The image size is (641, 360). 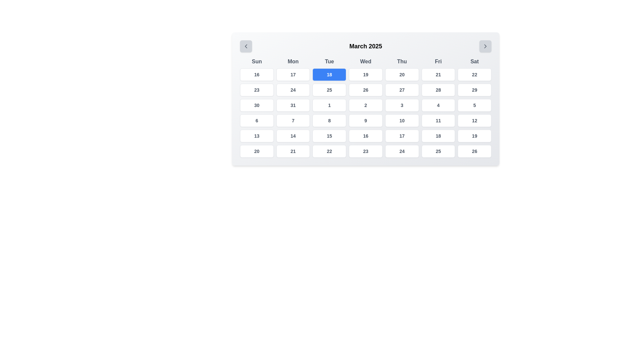 What do you see at coordinates (365, 121) in the screenshot?
I see `the Calendar Date Button displaying the number '9'` at bounding box center [365, 121].